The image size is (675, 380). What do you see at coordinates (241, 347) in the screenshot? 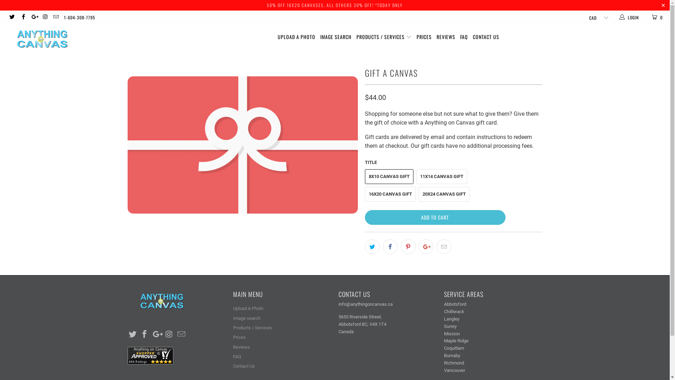
I see `'Reviews'` at bounding box center [241, 347].